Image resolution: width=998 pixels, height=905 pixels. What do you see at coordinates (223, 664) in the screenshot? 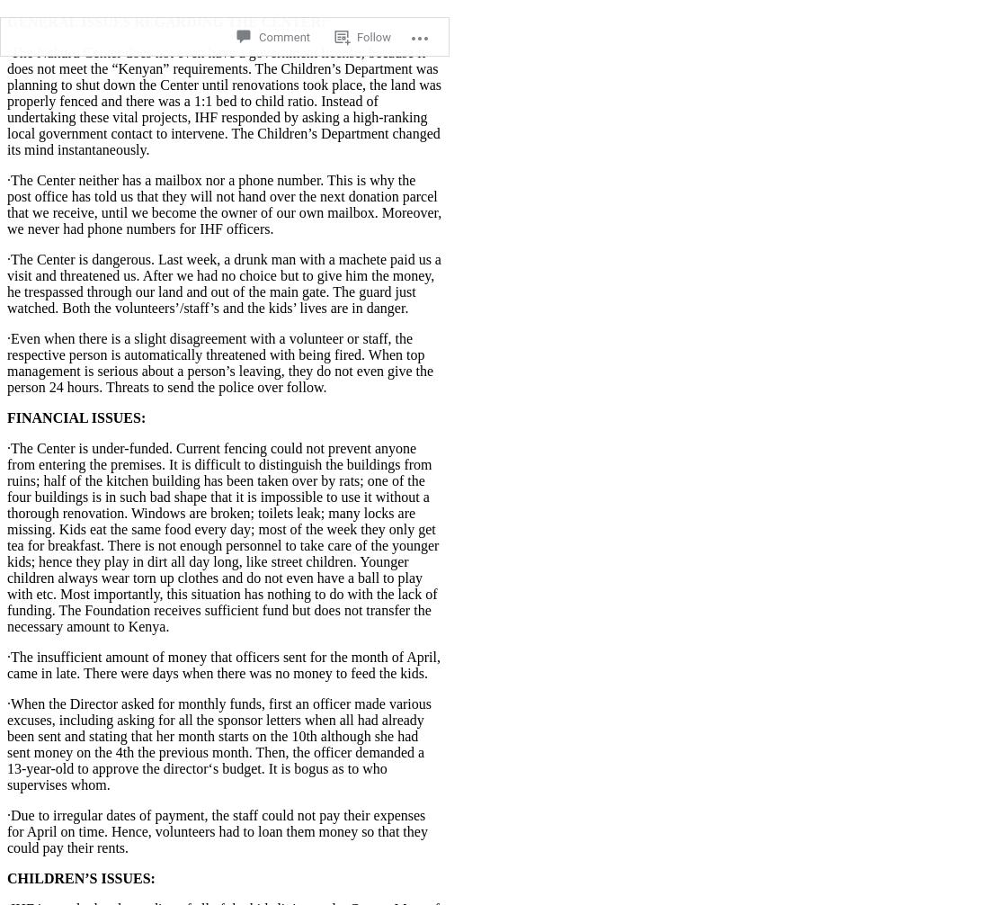
I see `'·The insufficient amount of money that officers sent for the month of April, came in late. There were days when there was no money to feed the kids.'` at bounding box center [223, 664].